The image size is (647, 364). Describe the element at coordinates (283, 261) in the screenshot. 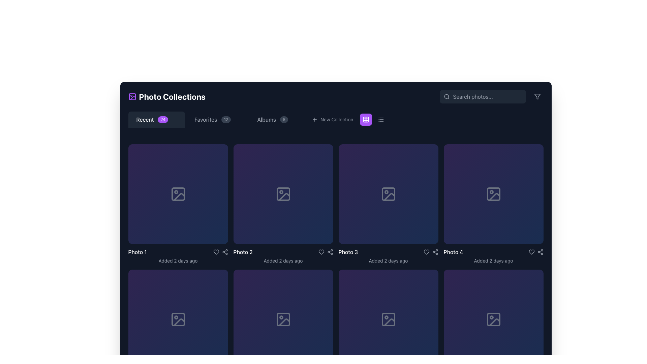

I see `message displayed in the gray-colored text label that says 'Added 2 days ago', located below the 'Photo 2' title in the second cell of the grid layout` at that location.